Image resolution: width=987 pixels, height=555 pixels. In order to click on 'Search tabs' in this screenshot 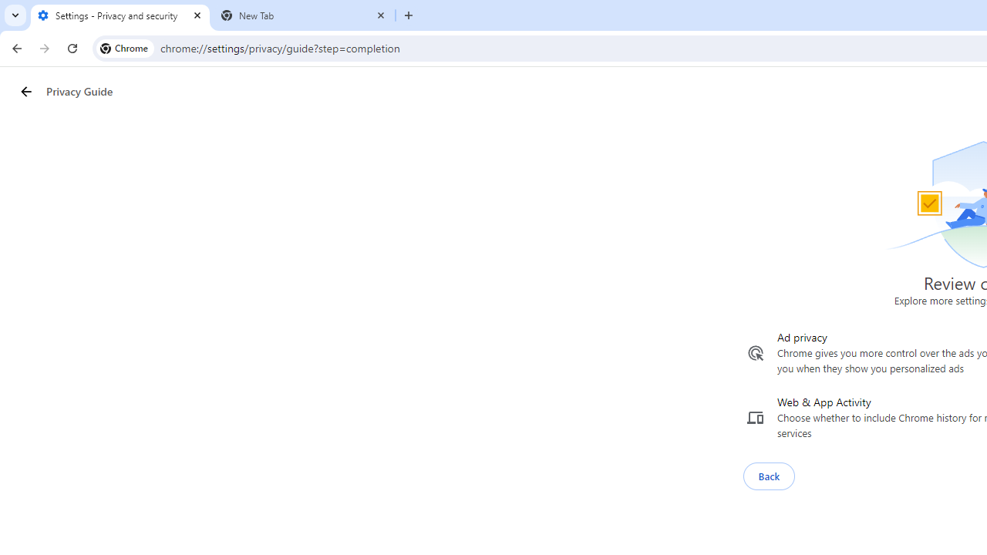, I will do `click(15, 15)`.